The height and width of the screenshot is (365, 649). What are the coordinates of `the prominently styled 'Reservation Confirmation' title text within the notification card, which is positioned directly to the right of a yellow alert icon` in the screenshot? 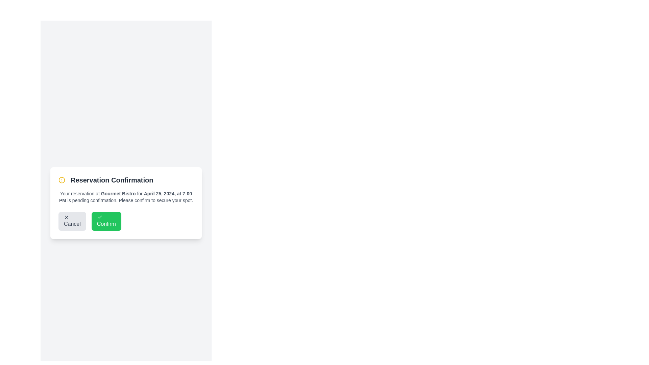 It's located at (112, 179).